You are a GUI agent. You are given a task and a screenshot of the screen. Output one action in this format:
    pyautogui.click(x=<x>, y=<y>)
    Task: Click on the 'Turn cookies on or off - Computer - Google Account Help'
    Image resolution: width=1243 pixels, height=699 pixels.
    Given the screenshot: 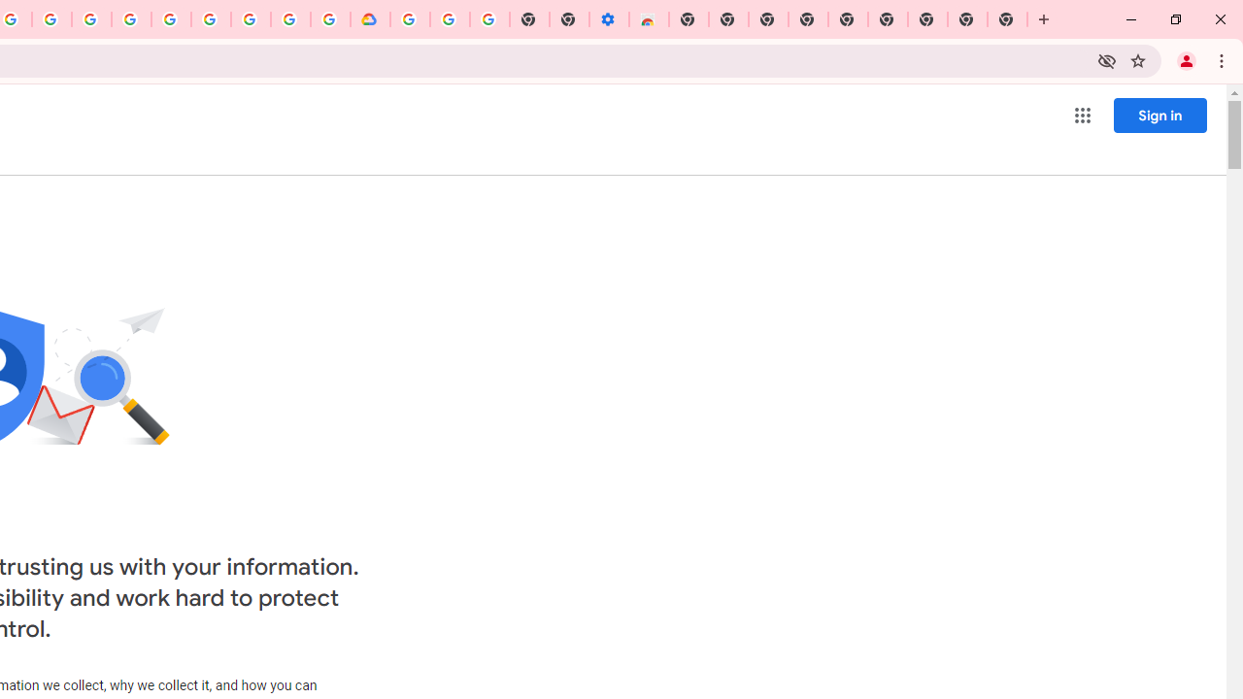 What is the action you would take?
    pyautogui.click(x=489, y=19)
    